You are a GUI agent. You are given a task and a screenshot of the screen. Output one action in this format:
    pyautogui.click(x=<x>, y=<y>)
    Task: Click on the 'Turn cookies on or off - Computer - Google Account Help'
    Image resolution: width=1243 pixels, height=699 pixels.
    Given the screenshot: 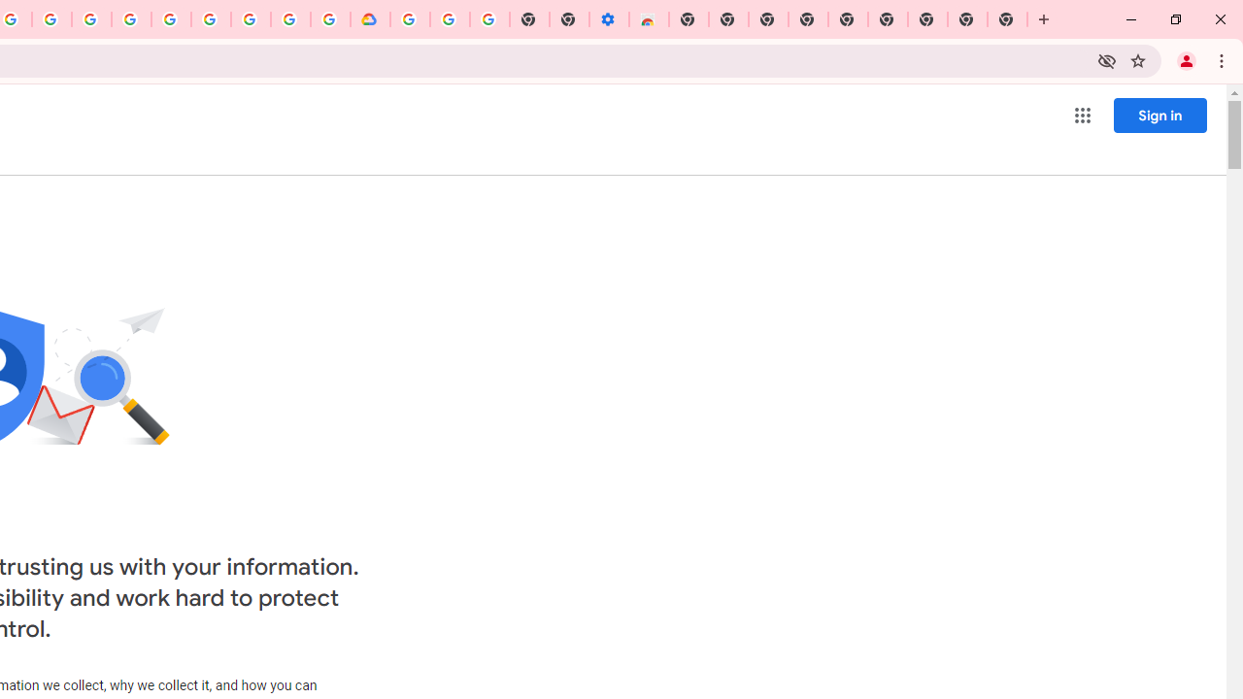 What is the action you would take?
    pyautogui.click(x=489, y=19)
    